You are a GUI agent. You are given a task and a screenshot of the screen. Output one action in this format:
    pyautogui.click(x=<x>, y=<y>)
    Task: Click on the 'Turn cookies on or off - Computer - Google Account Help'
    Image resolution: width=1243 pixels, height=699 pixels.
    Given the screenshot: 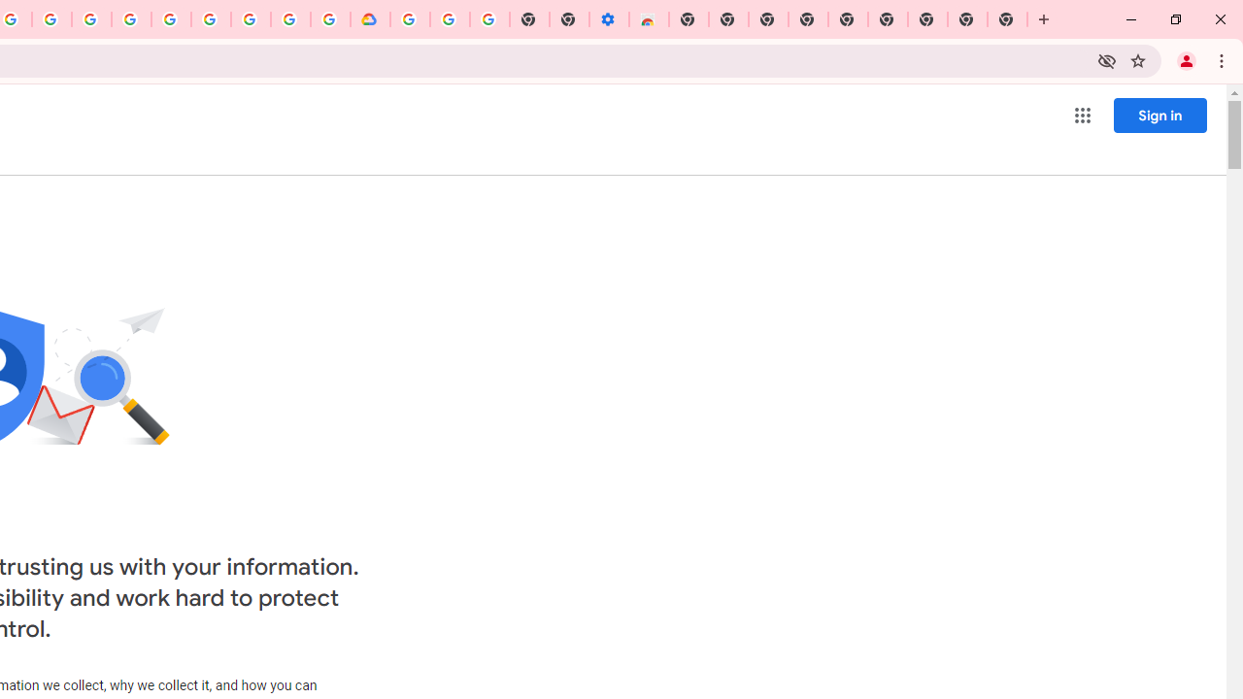 What is the action you would take?
    pyautogui.click(x=489, y=19)
    